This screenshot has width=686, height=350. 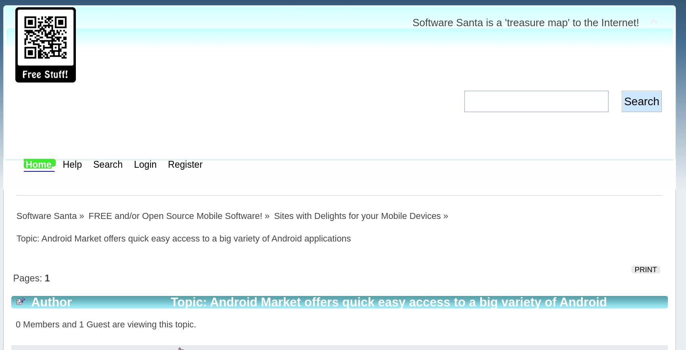 What do you see at coordinates (51, 302) in the screenshot?
I see `'Author'` at bounding box center [51, 302].